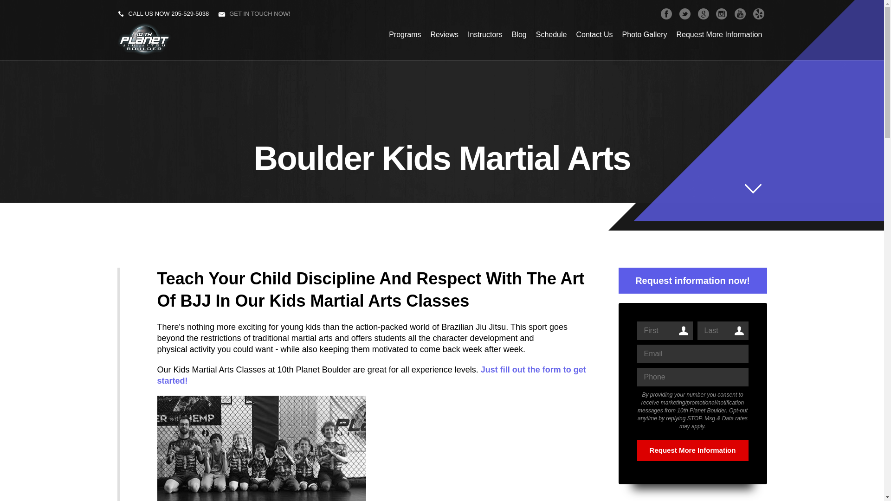  What do you see at coordinates (664, 330) in the screenshot?
I see `'First'` at bounding box center [664, 330].